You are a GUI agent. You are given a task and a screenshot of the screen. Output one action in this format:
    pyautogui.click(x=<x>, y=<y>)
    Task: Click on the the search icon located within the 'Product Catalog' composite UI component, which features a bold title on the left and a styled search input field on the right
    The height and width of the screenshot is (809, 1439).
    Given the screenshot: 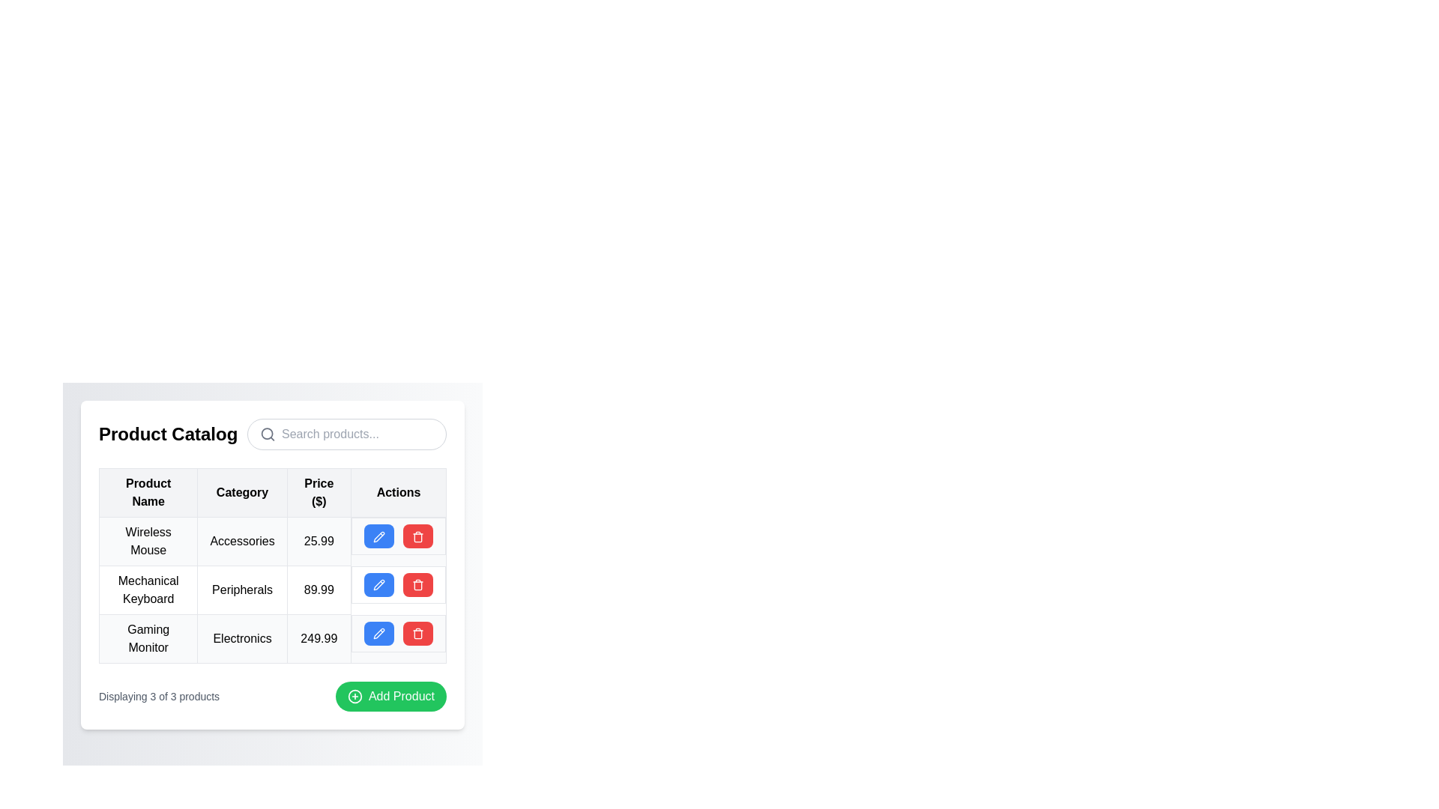 What is the action you would take?
    pyautogui.click(x=273, y=434)
    